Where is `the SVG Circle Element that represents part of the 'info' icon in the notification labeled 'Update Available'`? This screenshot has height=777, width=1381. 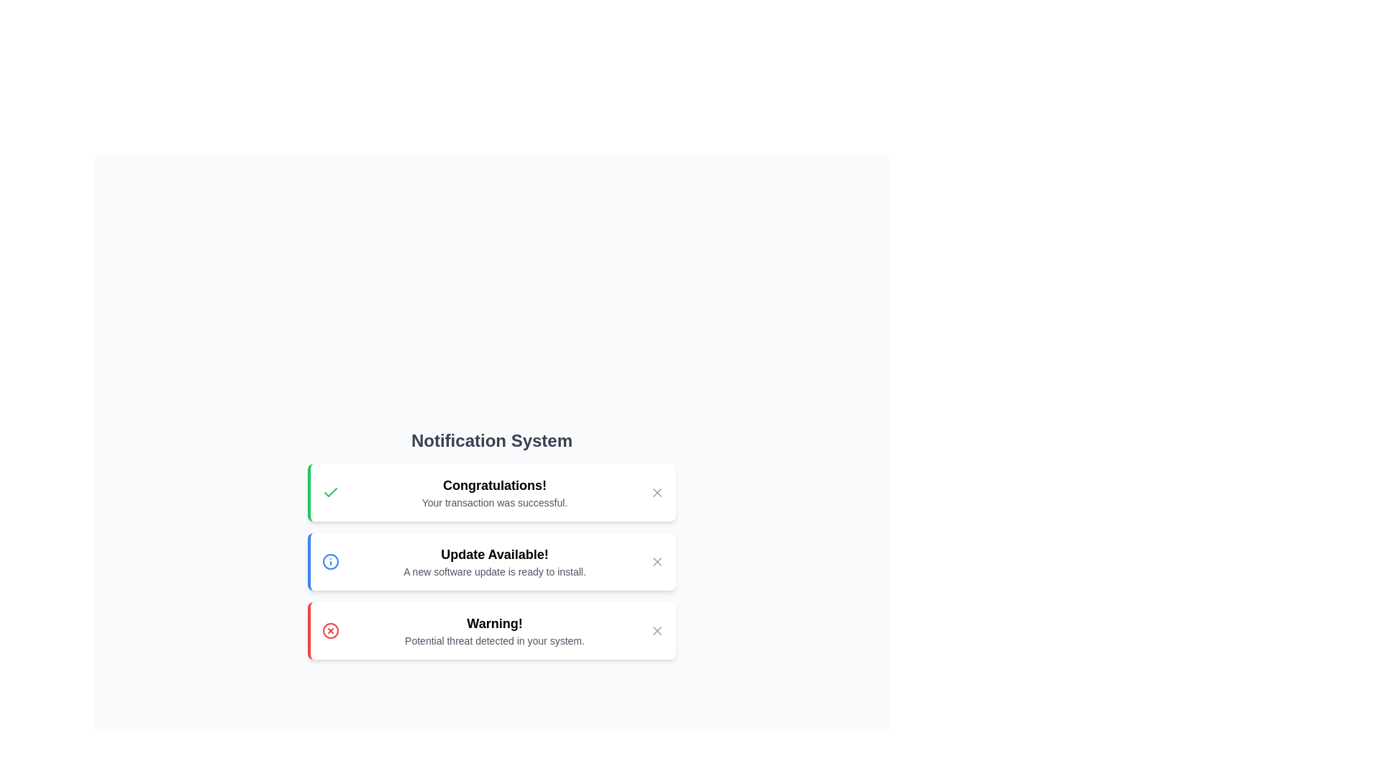
the SVG Circle Element that represents part of the 'info' icon in the notification labeled 'Update Available' is located at coordinates (330, 560).